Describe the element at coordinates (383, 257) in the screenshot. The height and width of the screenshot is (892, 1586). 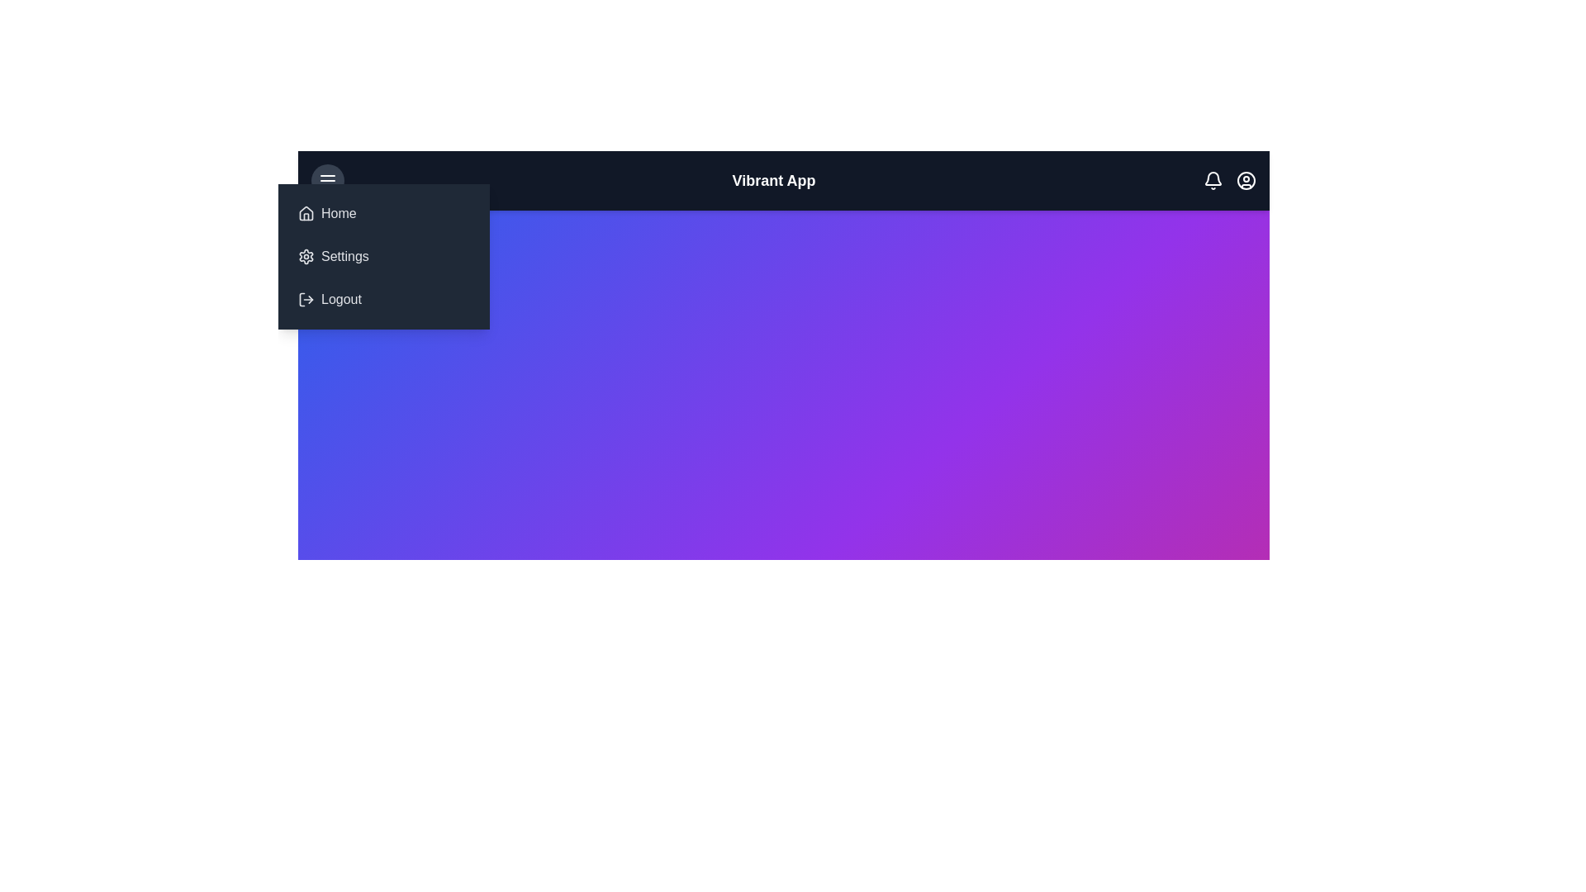
I see `the 'Settings' menu item` at that location.